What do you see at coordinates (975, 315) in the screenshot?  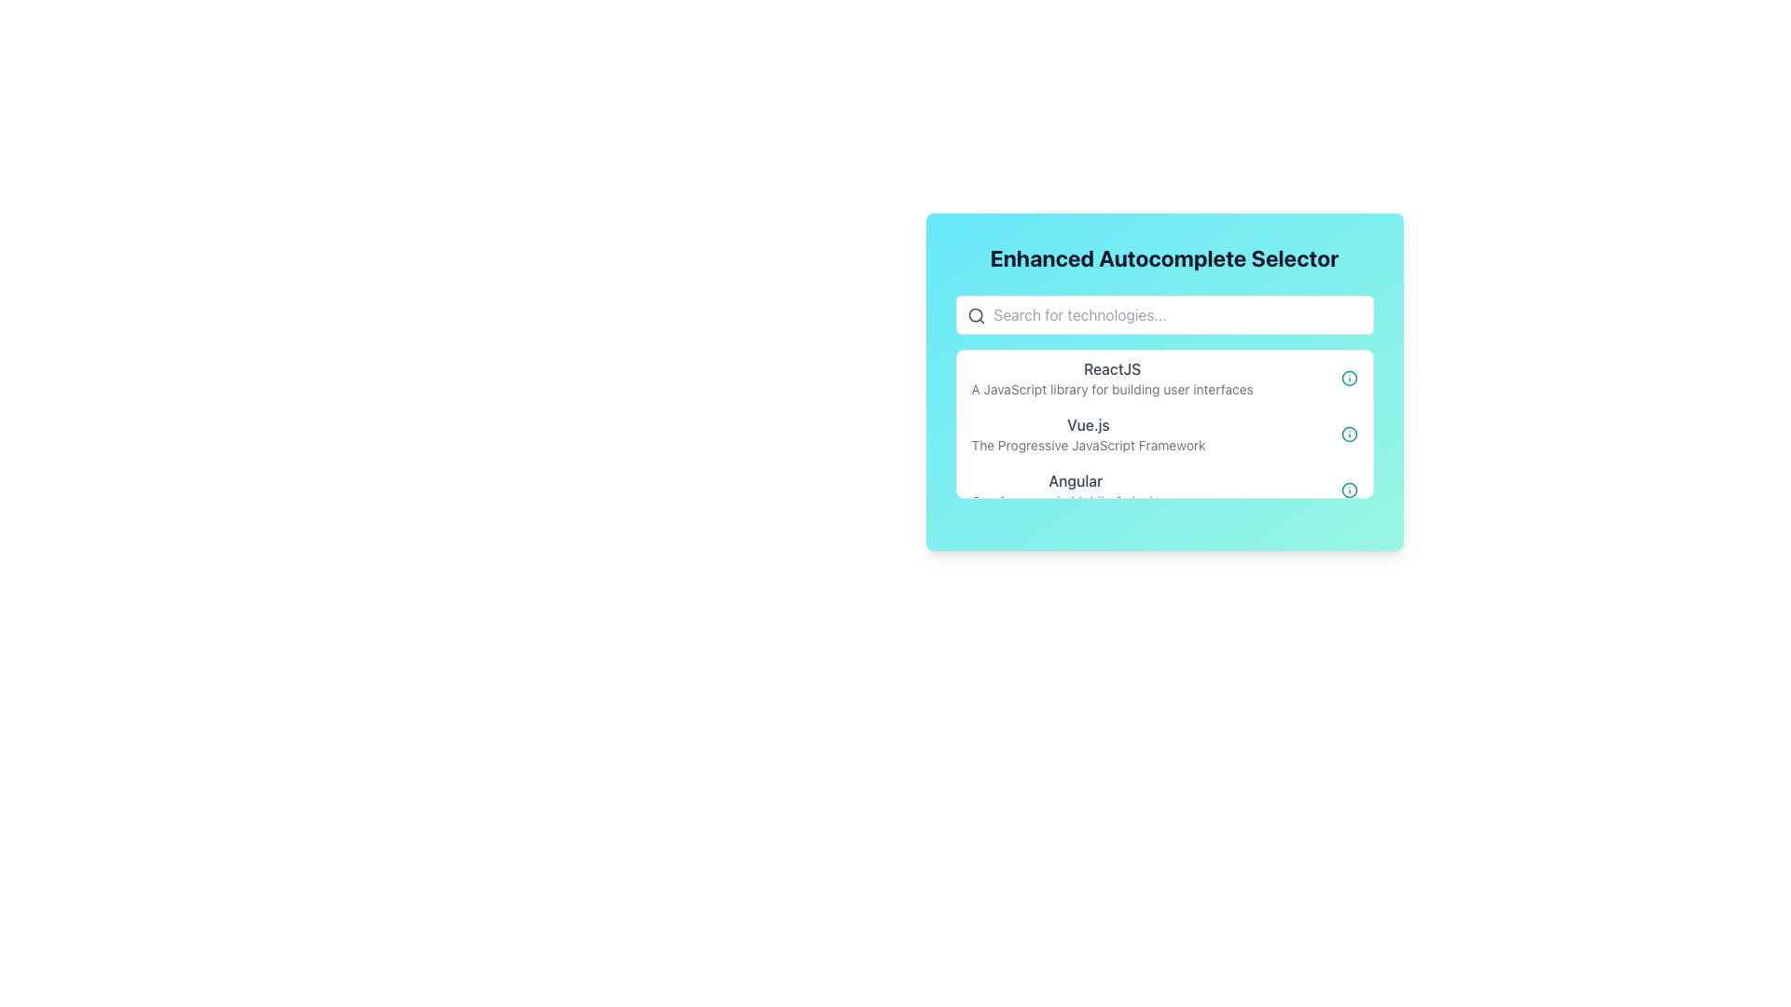 I see `the search bar icon located at the beginning of the search bar` at bounding box center [975, 315].